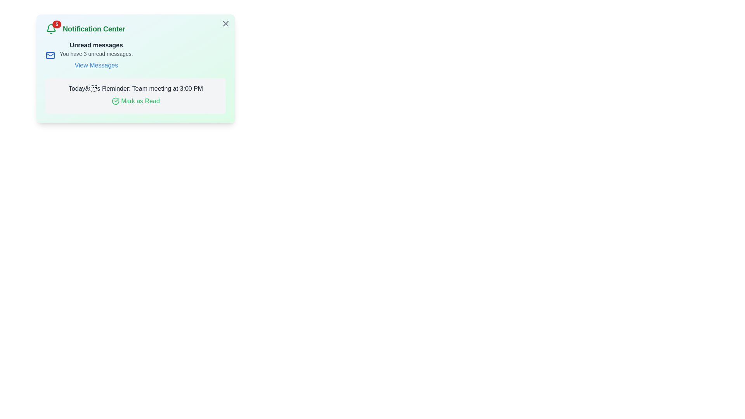 This screenshot has height=419, width=745. I want to click on the notification icon with a badge located in the top-left section of the Notification Center header, which indicates unread notifications, so click(51, 28).